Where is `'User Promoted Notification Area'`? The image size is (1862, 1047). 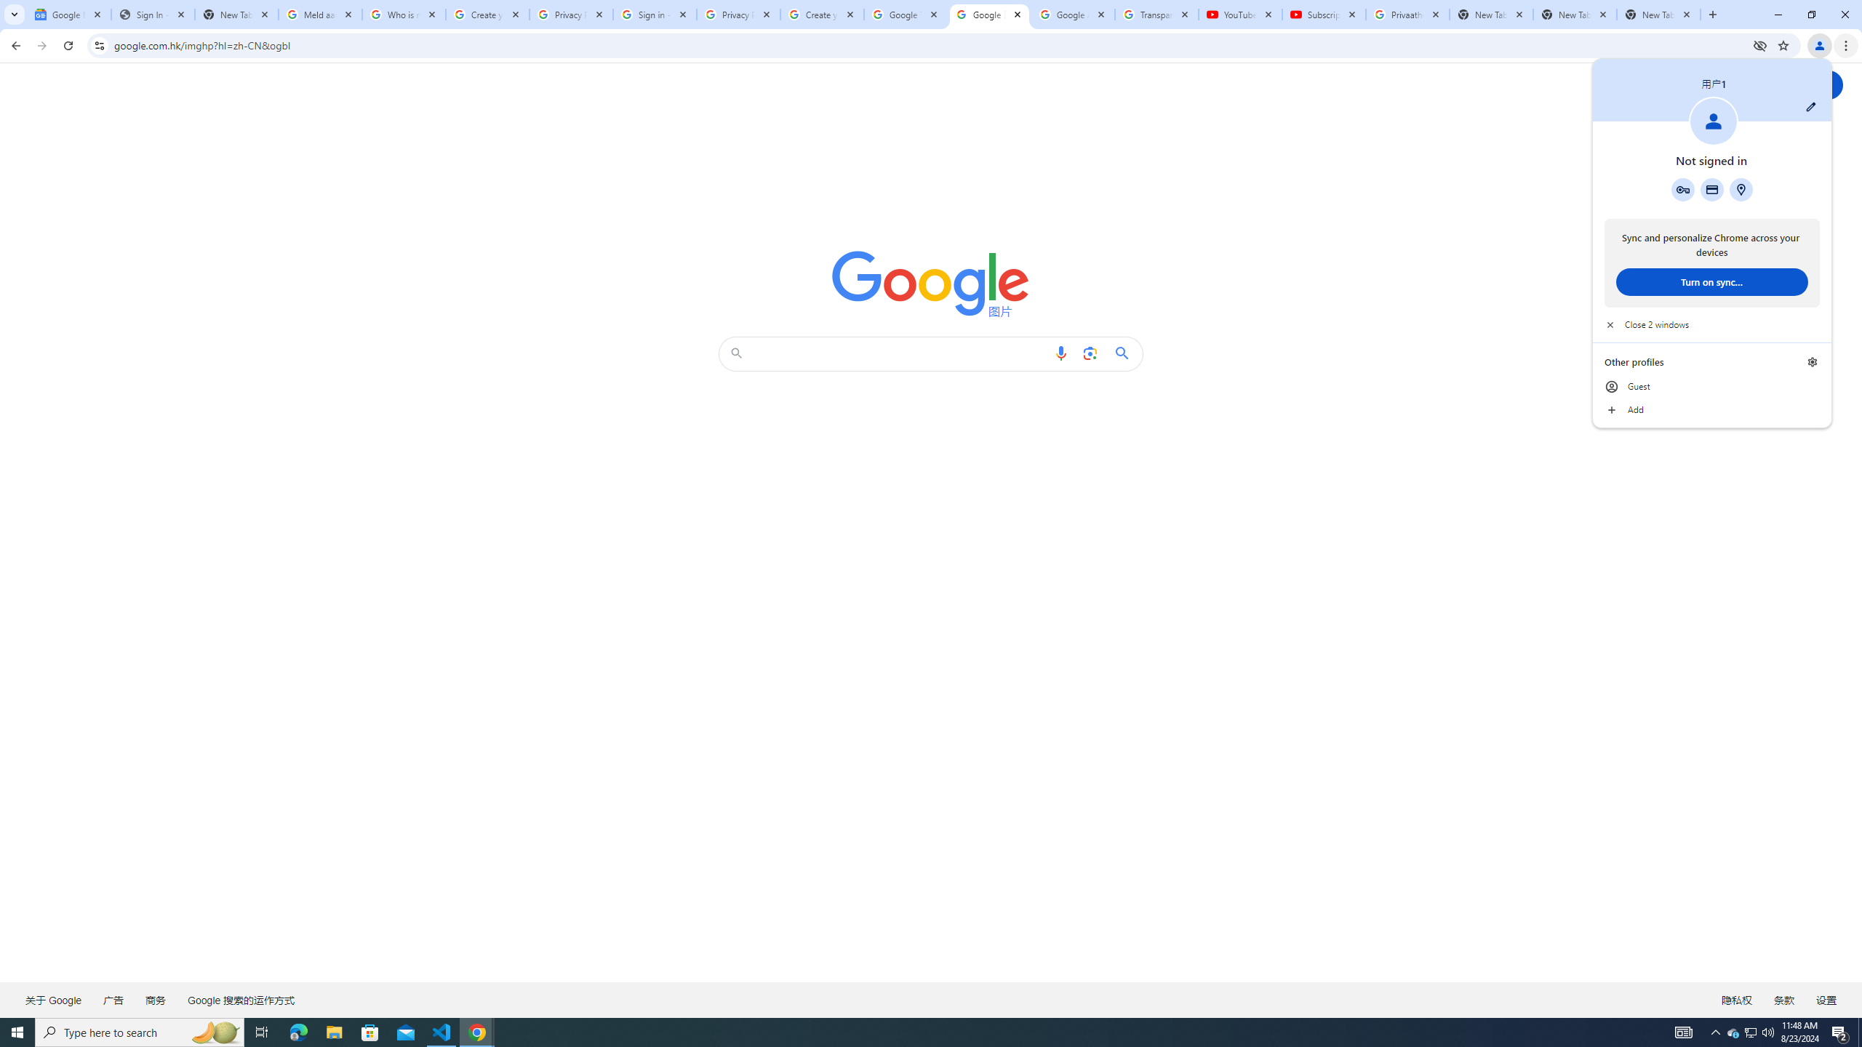 'User Promoted Notification Area' is located at coordinates (1749, 1031).